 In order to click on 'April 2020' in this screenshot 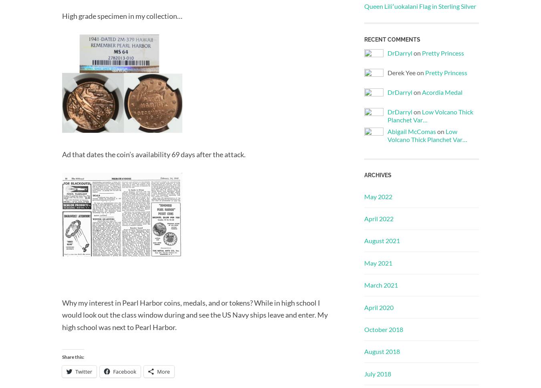, I will do `click(378, 306)`.